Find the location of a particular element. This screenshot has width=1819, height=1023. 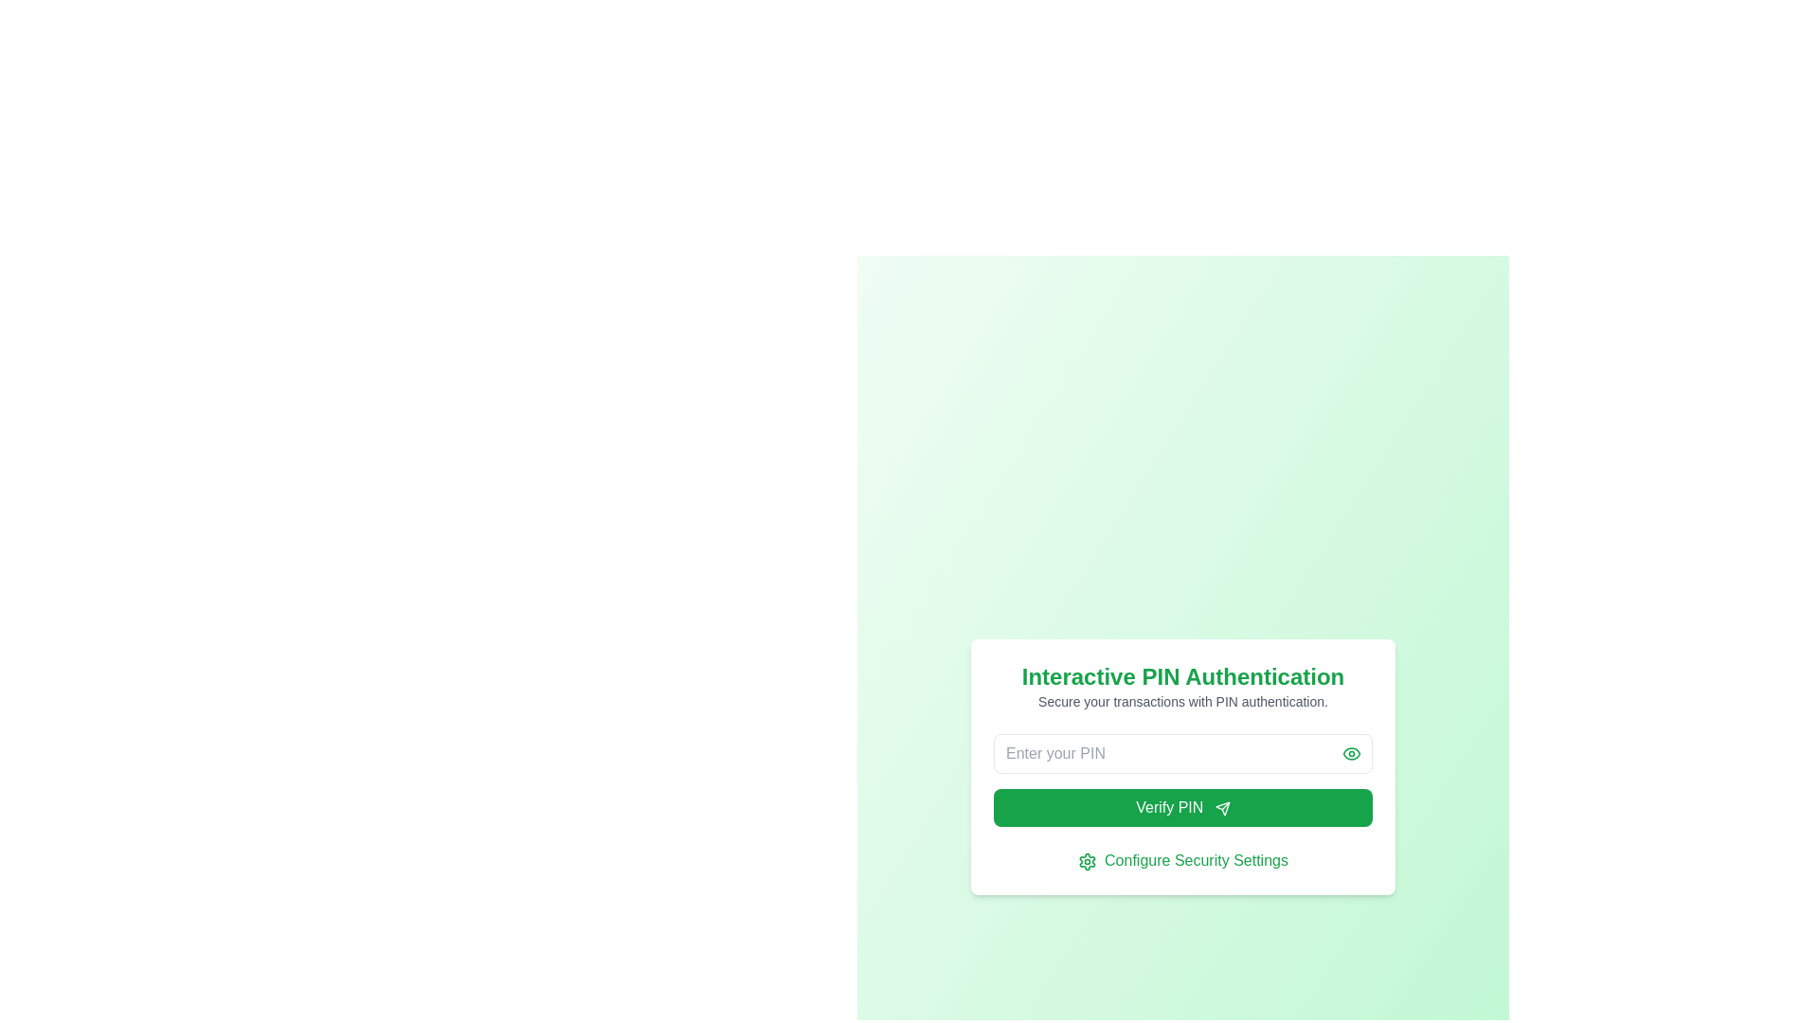

the 'send' icon, which is a small vector icon resembling a paper airplane, located to the right of the text in the 'Verify PIN' button is located at coordinates (1222, 808).